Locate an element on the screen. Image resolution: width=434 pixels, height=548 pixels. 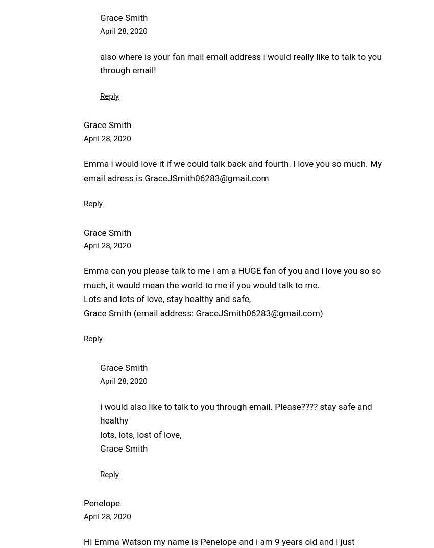
')' is located at coordinates (321, 313).